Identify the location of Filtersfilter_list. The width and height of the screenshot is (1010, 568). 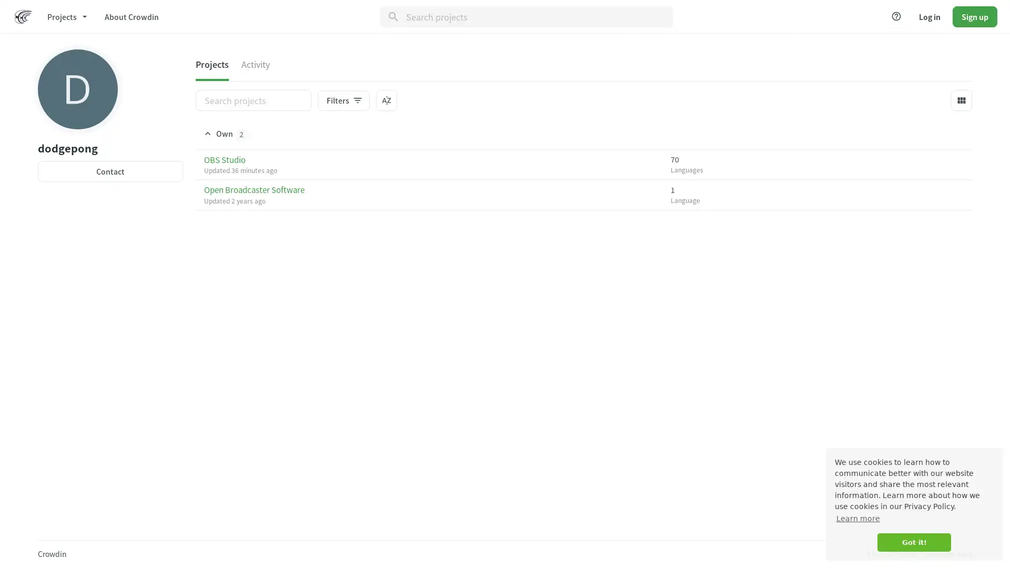
(343, 100).